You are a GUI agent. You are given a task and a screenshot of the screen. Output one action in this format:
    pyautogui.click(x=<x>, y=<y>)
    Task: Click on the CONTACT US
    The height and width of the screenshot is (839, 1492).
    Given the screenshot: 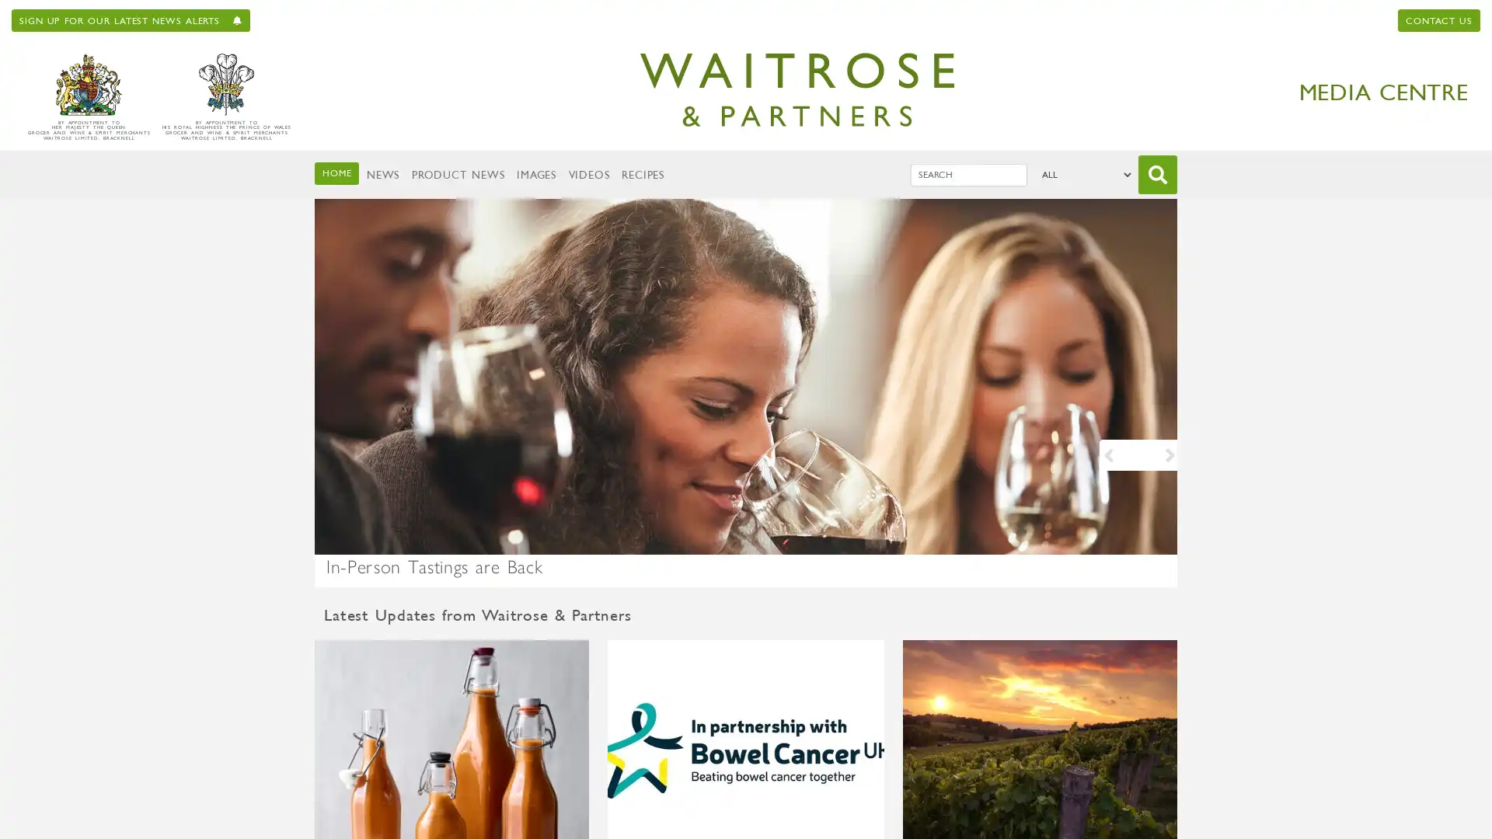 What is the action you would take?
    pyautogui.click(x=1438, y=20)
    